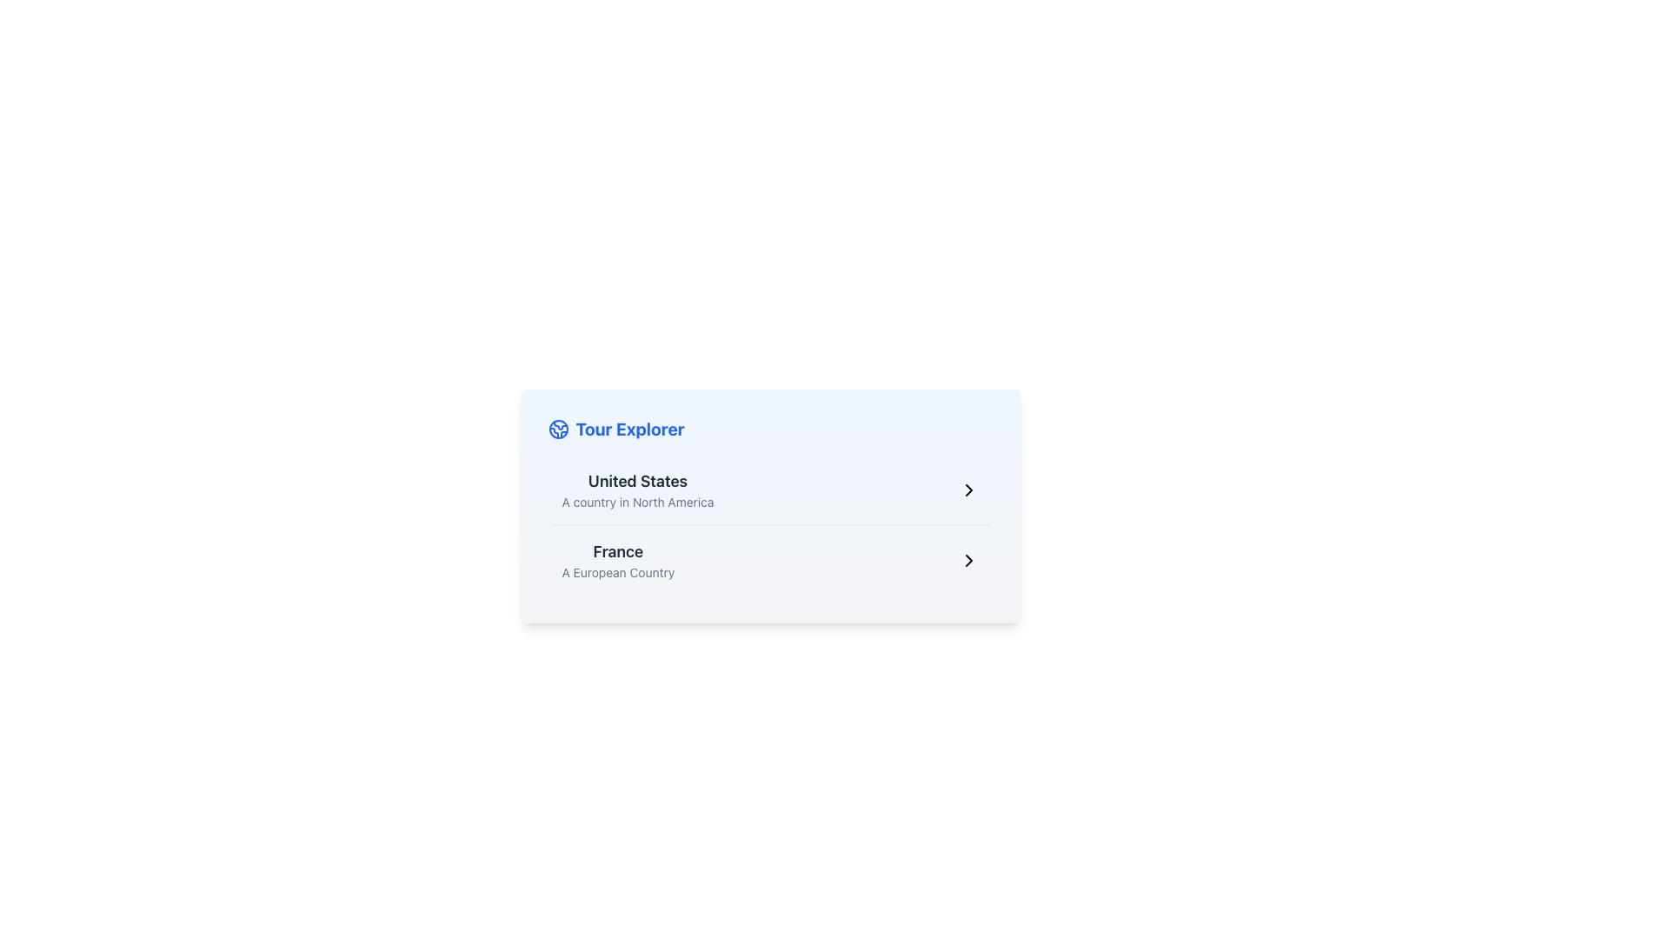  I want to click on the circular globe icon styled with blue lines on a white background, positioned to the left of the 'Tour Explorer' text, so click(558, 429).